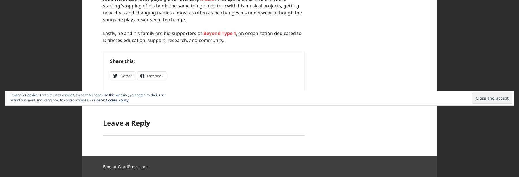 The height and width of the screenshot is (177, 519). What do you see at coordinates (125, 76) in the screenshot?
I see `'Twitter'` at bounding box center [125, 76].